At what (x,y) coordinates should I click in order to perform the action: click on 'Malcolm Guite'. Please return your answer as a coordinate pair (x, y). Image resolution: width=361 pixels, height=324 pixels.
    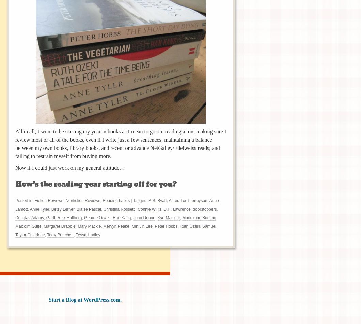
    Looking at the image, I should click on (15, 226).